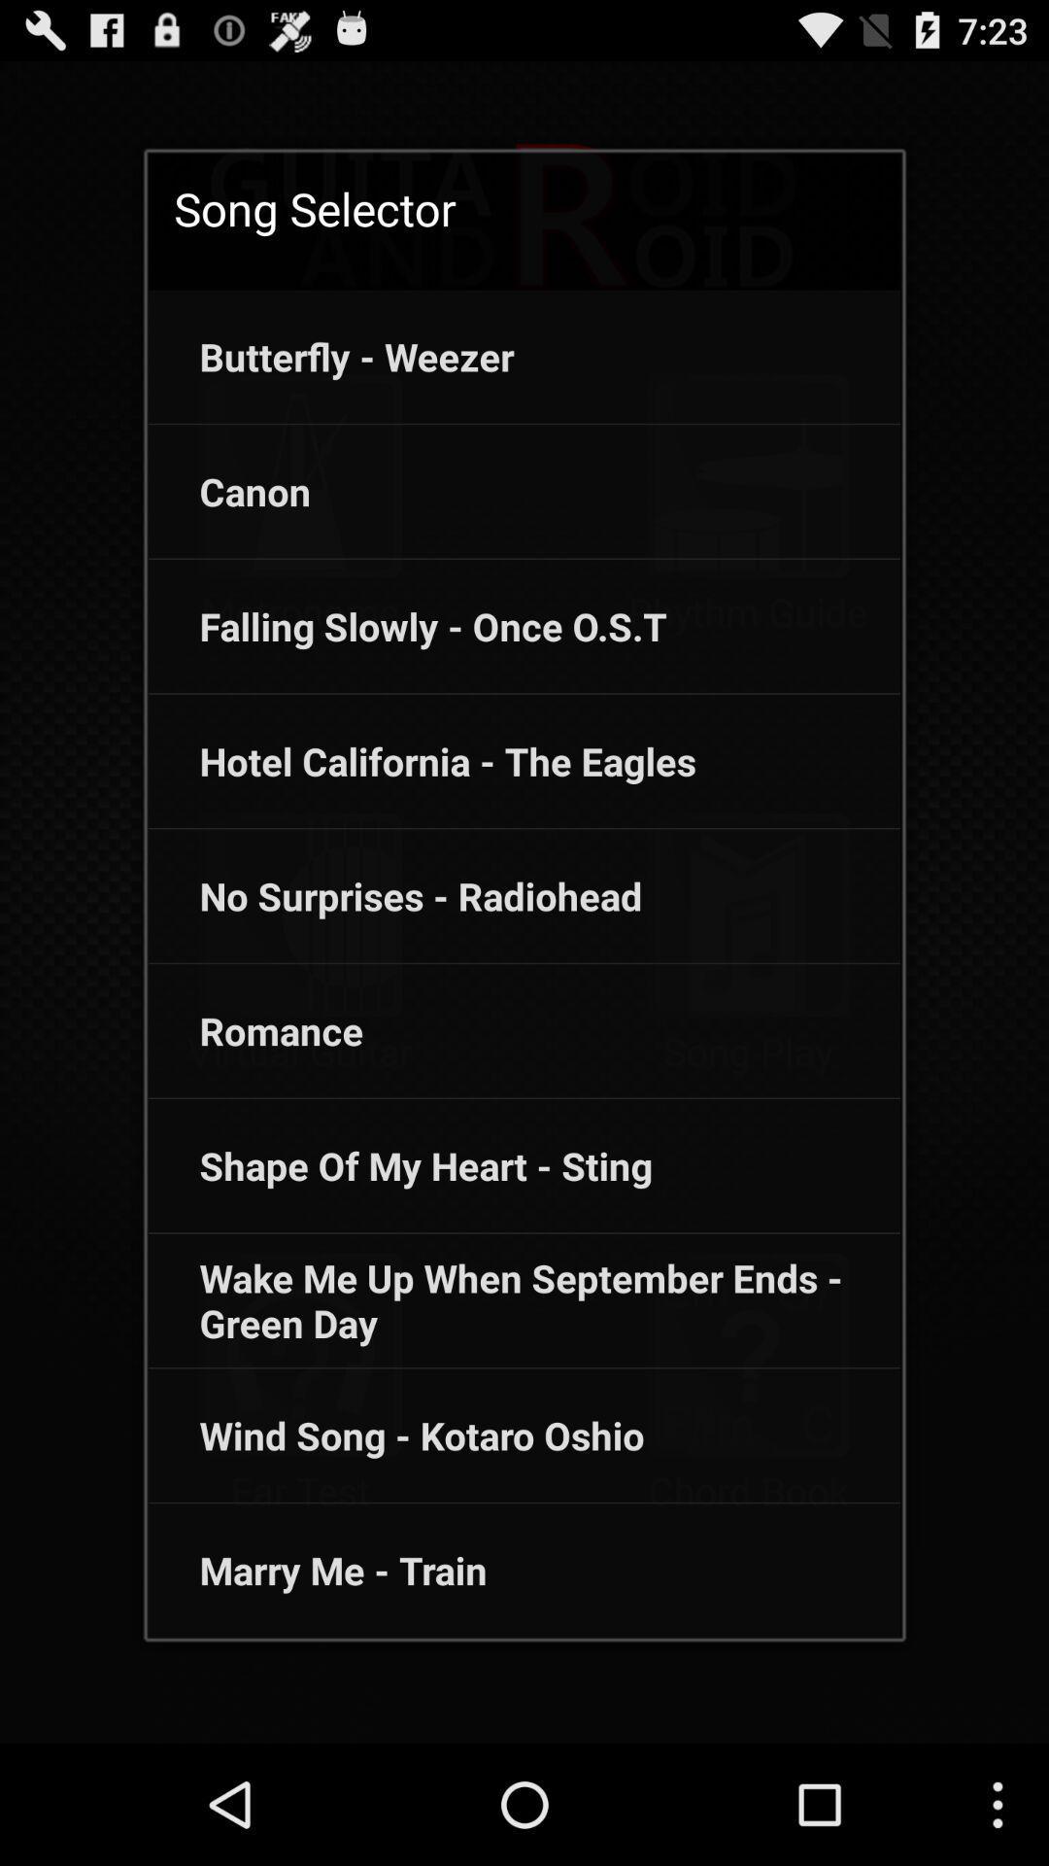 The height and width of the screenshot is (1866, 1049). What do you see at coordinates (407, 626) in the screenshot?
I see `the falling slowly once app` at bounding box center [407, 626].